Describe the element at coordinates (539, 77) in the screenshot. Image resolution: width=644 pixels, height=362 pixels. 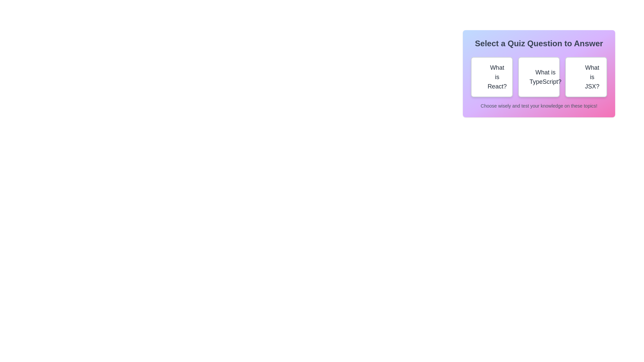
I see `the button labeled 'What is TypeScript?' located in the section titled 'Select a Quiz Question to Answer', which is positioned between the buttons 'What is React?' and 'What is JSX?'` at that location.